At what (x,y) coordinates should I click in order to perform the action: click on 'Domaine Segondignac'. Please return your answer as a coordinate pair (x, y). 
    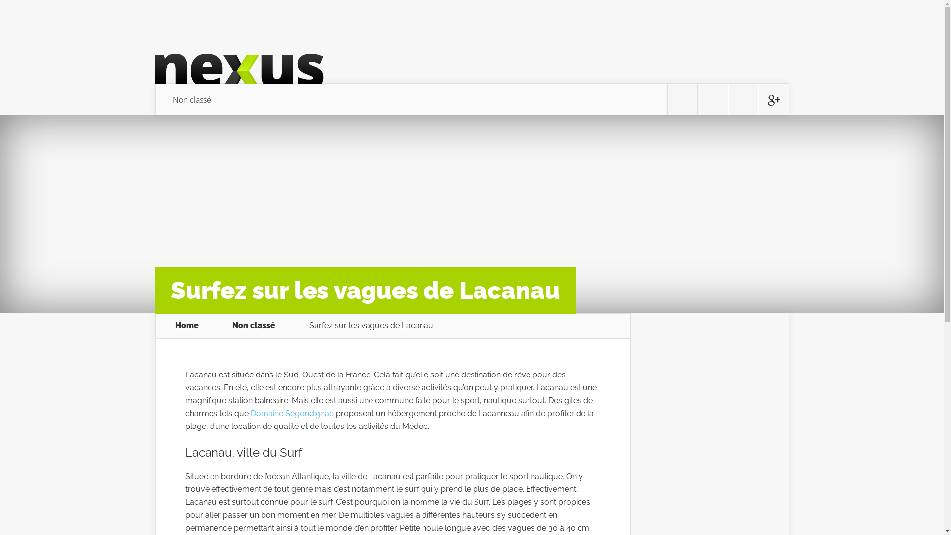
    Looking at the image, I should click on (292, 413).